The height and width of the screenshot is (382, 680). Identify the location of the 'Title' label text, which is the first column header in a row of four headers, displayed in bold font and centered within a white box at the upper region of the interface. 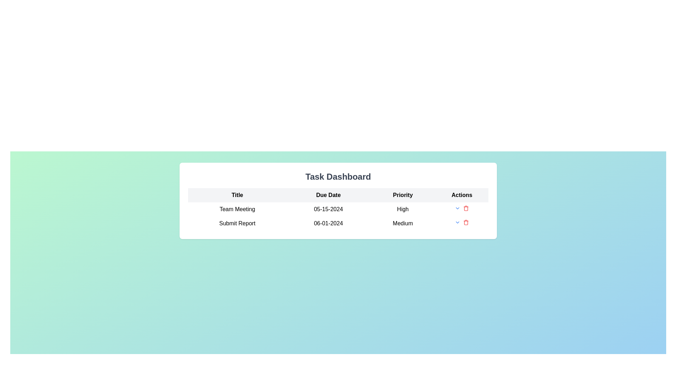
(237, 195).